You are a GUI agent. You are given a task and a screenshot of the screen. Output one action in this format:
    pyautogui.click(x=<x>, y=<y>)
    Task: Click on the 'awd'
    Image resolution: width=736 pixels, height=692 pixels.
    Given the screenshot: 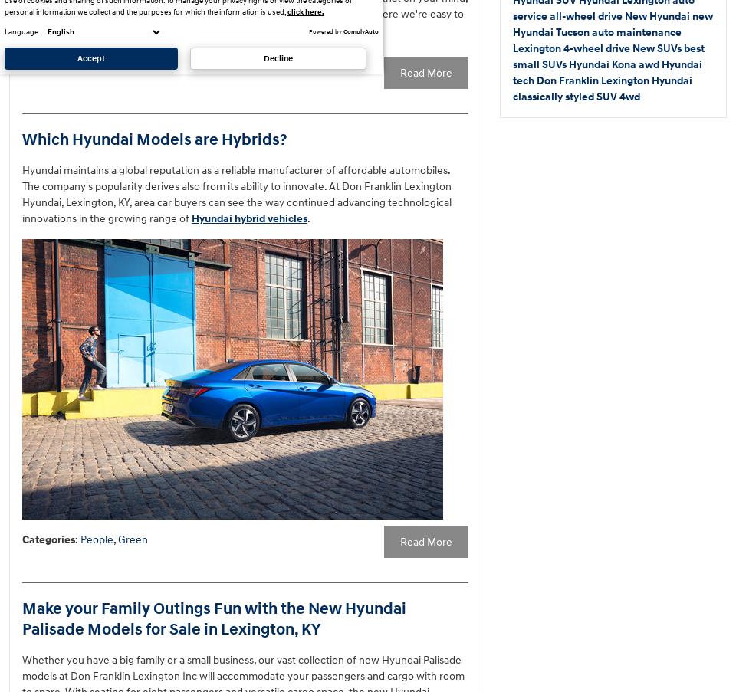 What is the action you would take?
    pyautogui.click(x=649, y=64)
    